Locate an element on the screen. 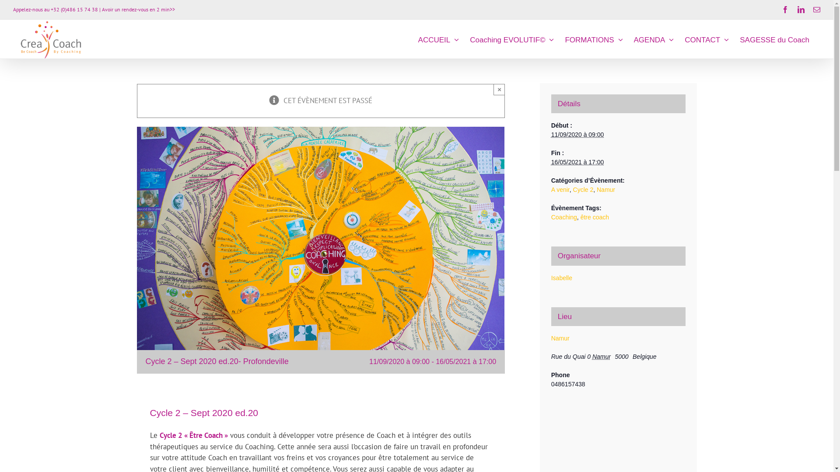  'Email' is located at coordinates (816, 10).